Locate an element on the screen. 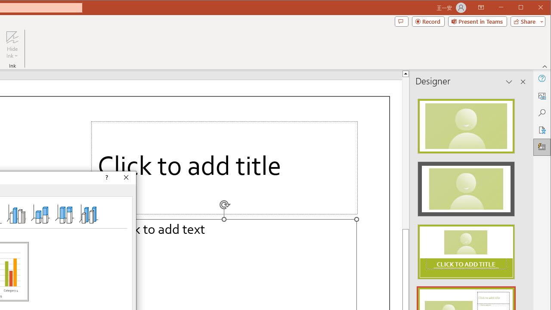 The image size is (551, 310). 'Context help' is located at coordinates (105, 177).